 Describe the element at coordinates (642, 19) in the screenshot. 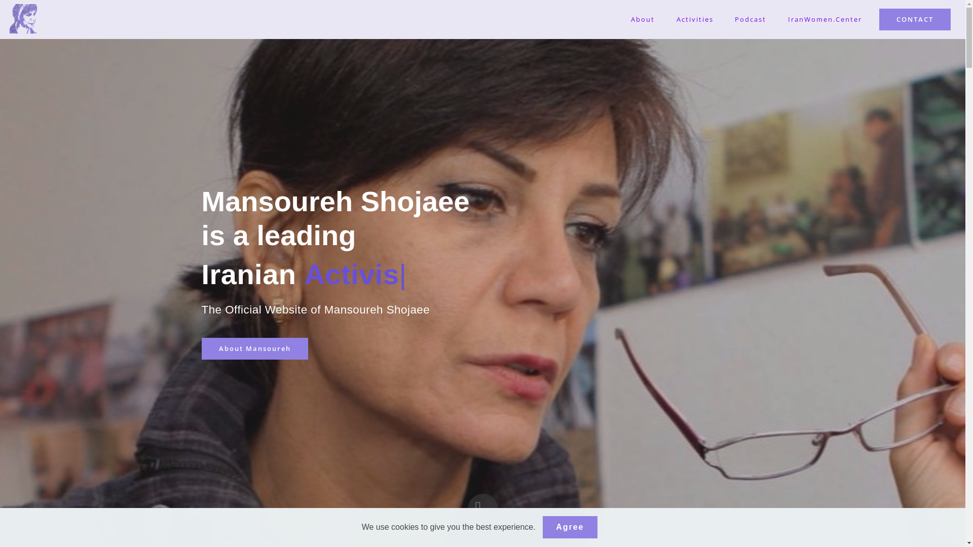

I see `'About'` at that location.